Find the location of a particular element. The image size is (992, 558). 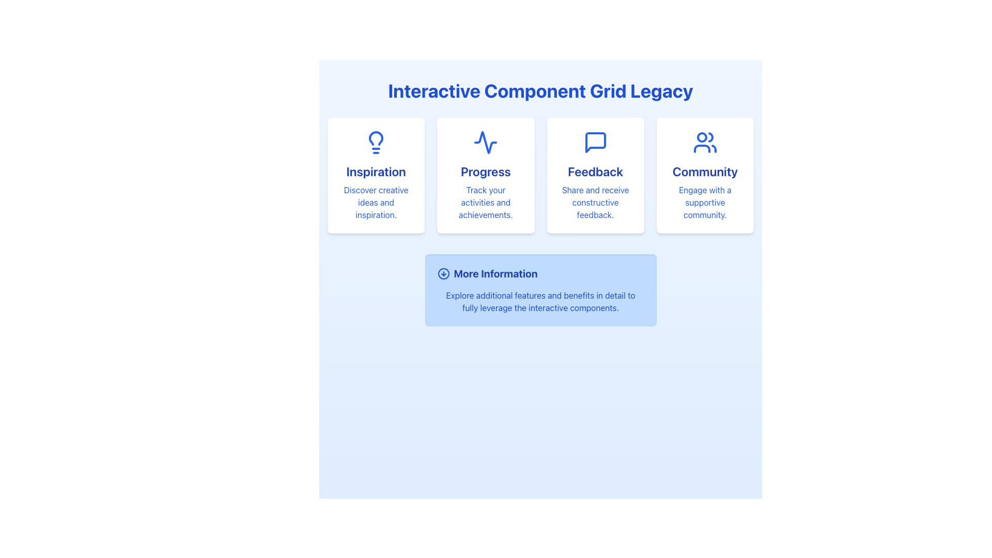

information displayed on the 'Feedback' Information card, which is the third card in a row of four cards in the grid layout is located at coordinates (595, 175).